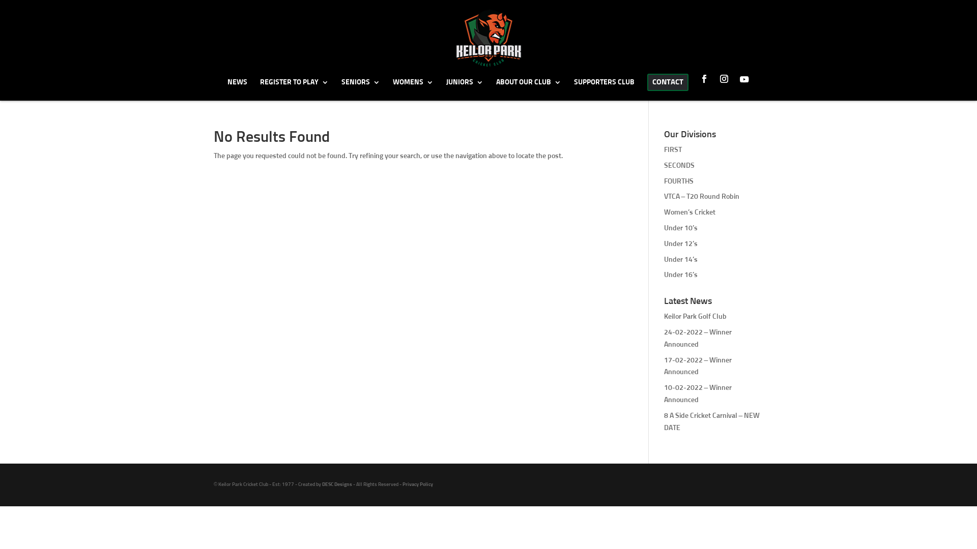  What do you see at coordinates (664, 181) in the screenshot?
I see `'FOURTHS'` at bounding box center [664, 181].